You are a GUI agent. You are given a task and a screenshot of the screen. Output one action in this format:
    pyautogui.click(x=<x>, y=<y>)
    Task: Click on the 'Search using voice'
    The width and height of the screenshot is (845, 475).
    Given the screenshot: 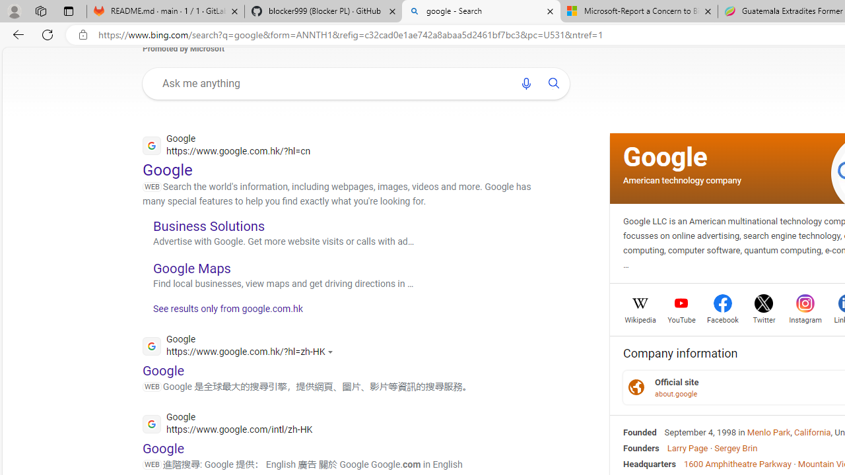 What is the action you would take?
    pyautogui.click(x=525, y=83)
    